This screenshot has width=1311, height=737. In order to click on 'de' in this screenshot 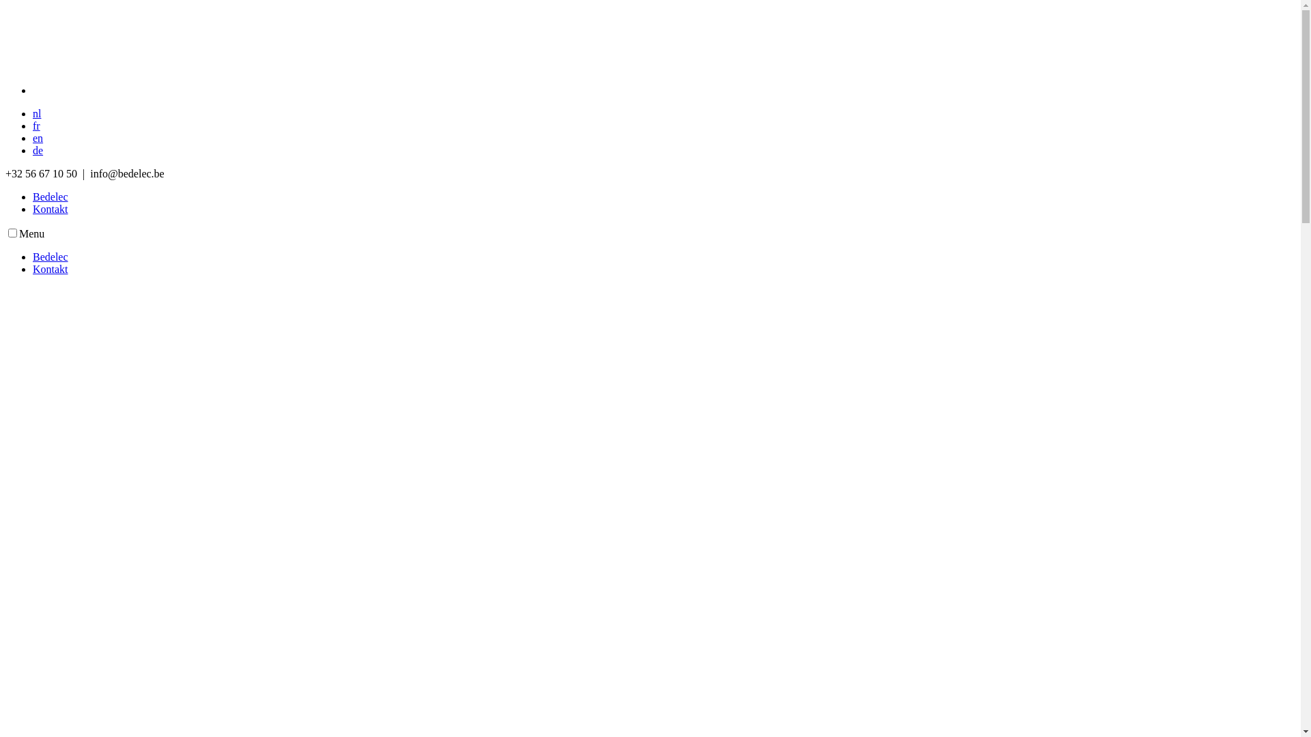, I will do `click(38, 150)`.